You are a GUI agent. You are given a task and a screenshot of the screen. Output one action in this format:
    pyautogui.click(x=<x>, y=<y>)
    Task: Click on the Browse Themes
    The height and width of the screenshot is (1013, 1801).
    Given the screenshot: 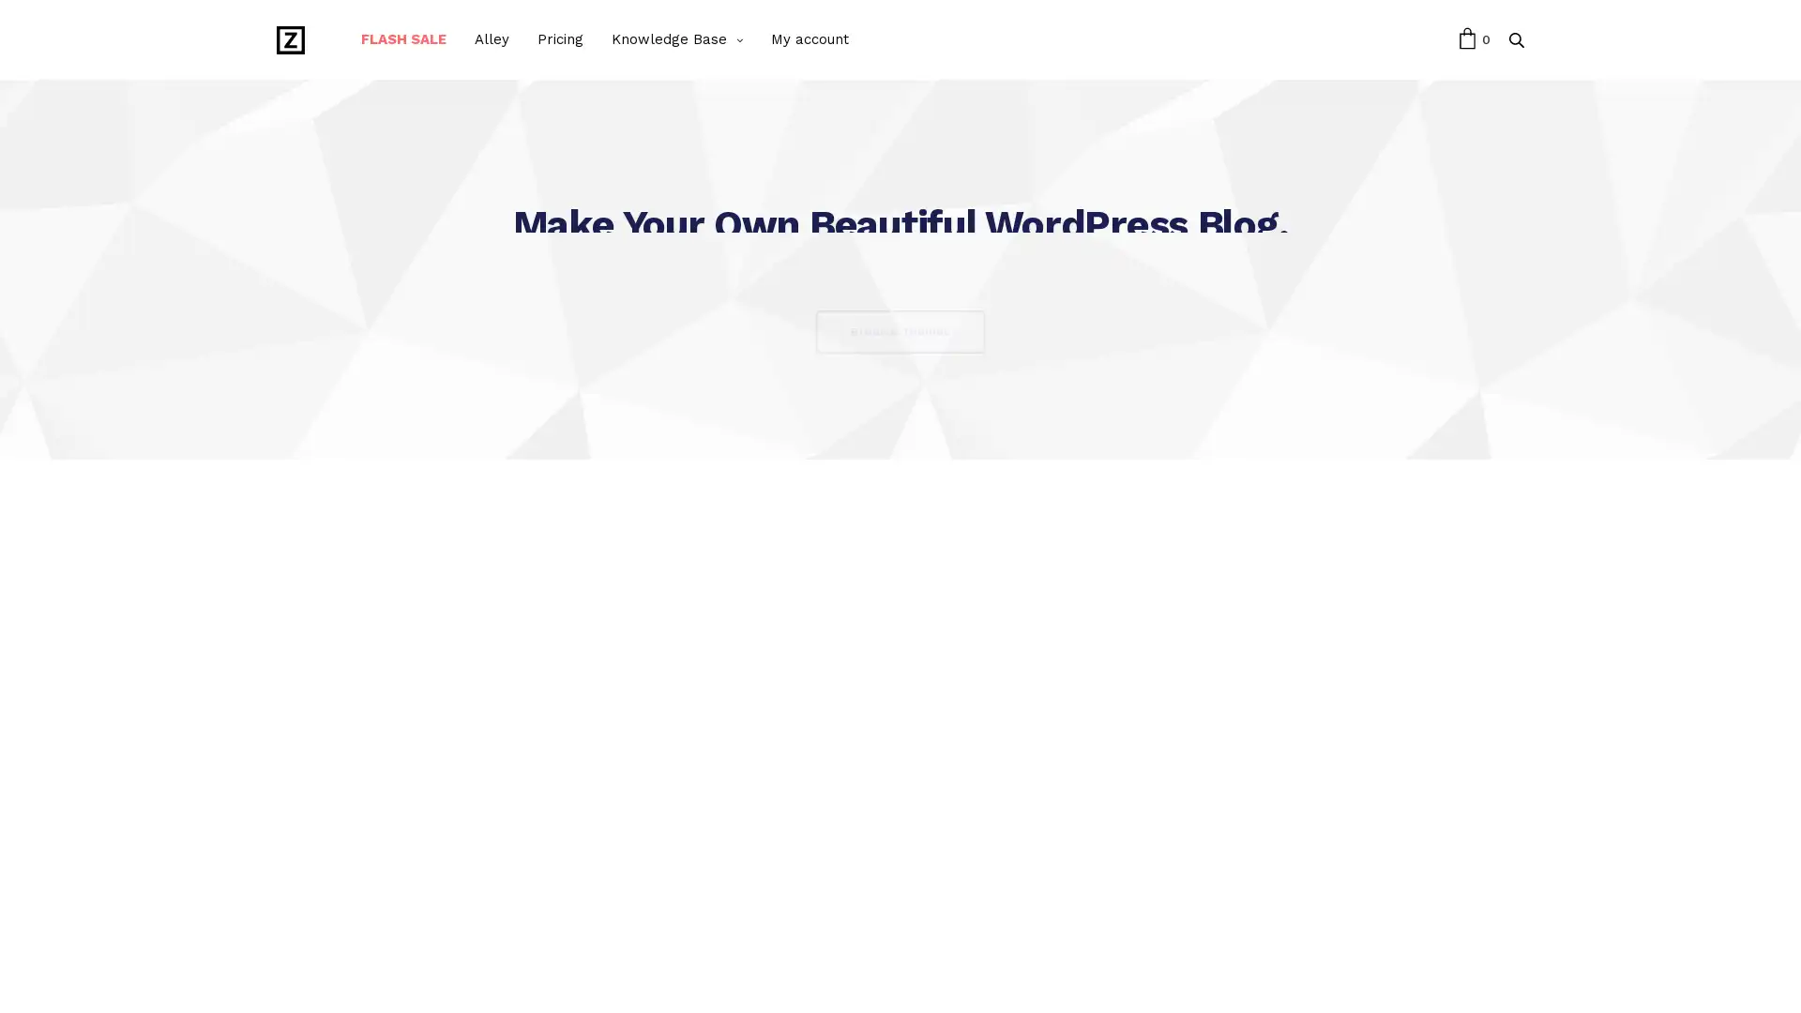 What is the action you would take?
    pyautogui.click(x=900, y=330)
    